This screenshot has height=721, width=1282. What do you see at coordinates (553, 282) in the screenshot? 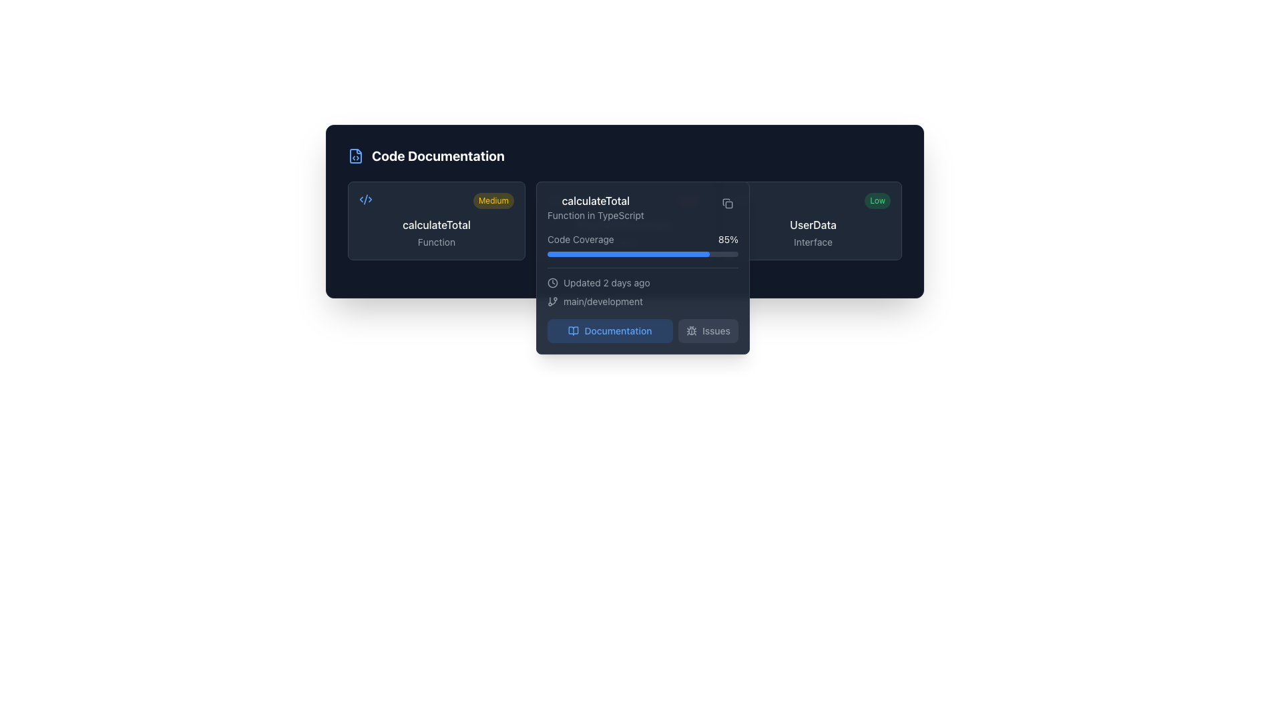
I see `the circular ring at the center of the clock icon, which is located near the top-left corner of the pop-up dialog detailing the 'calculateTotal' function` at bounding box center [553, 282].